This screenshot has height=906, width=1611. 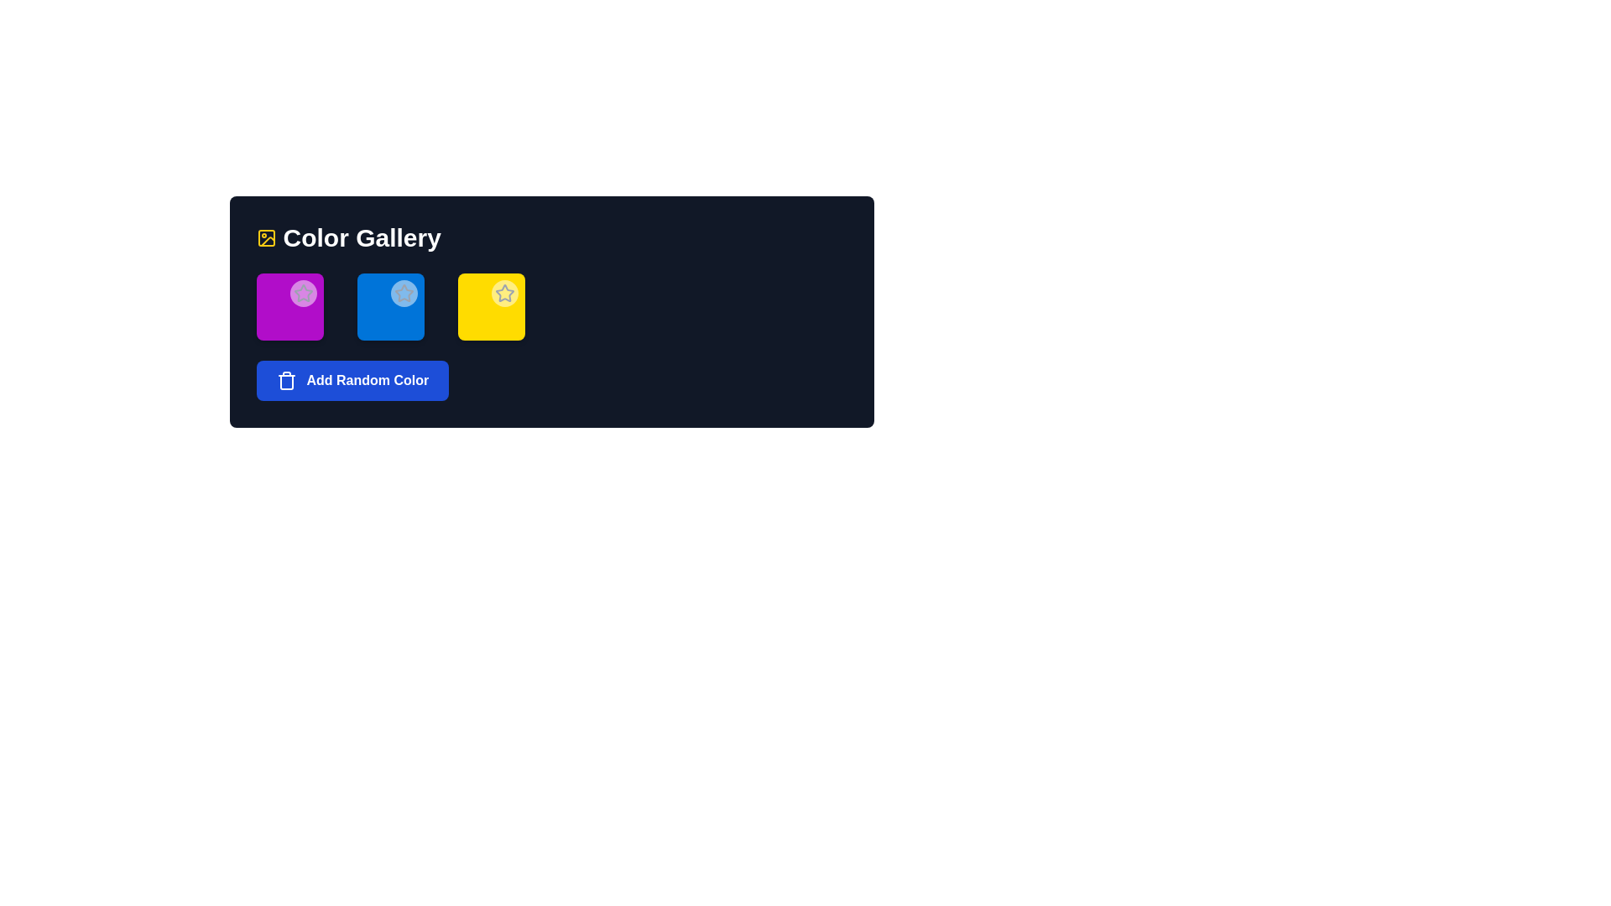 What do you see at coordinates (265, 238) in the screenshot?
I see `the icon representing the 'Color Gallery', which is located to the left of the 'Color Gallery' heading` at bounding box center [265, 238].